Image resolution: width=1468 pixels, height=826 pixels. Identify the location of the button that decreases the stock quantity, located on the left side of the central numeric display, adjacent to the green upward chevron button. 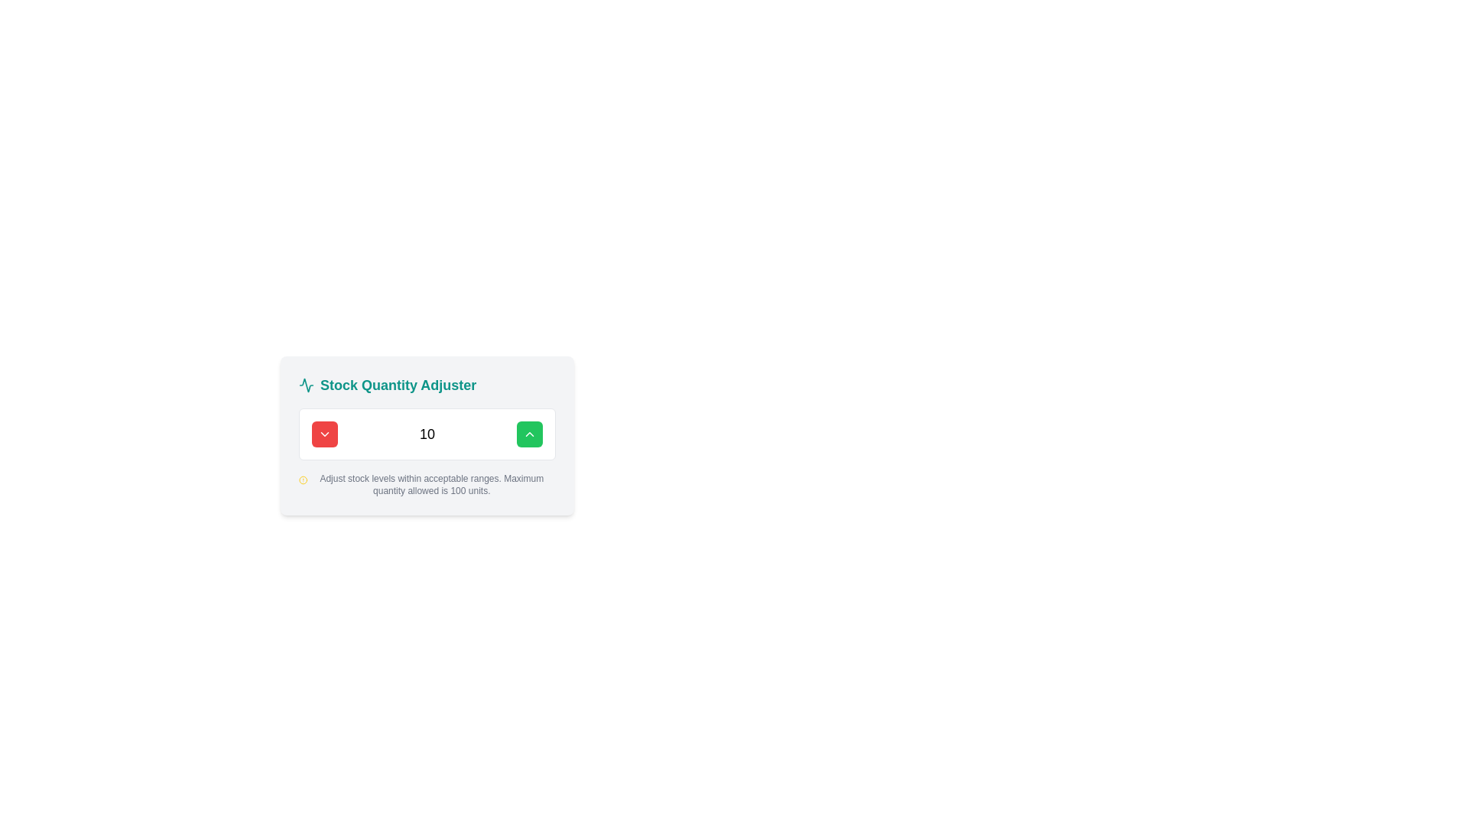
(324, 434).